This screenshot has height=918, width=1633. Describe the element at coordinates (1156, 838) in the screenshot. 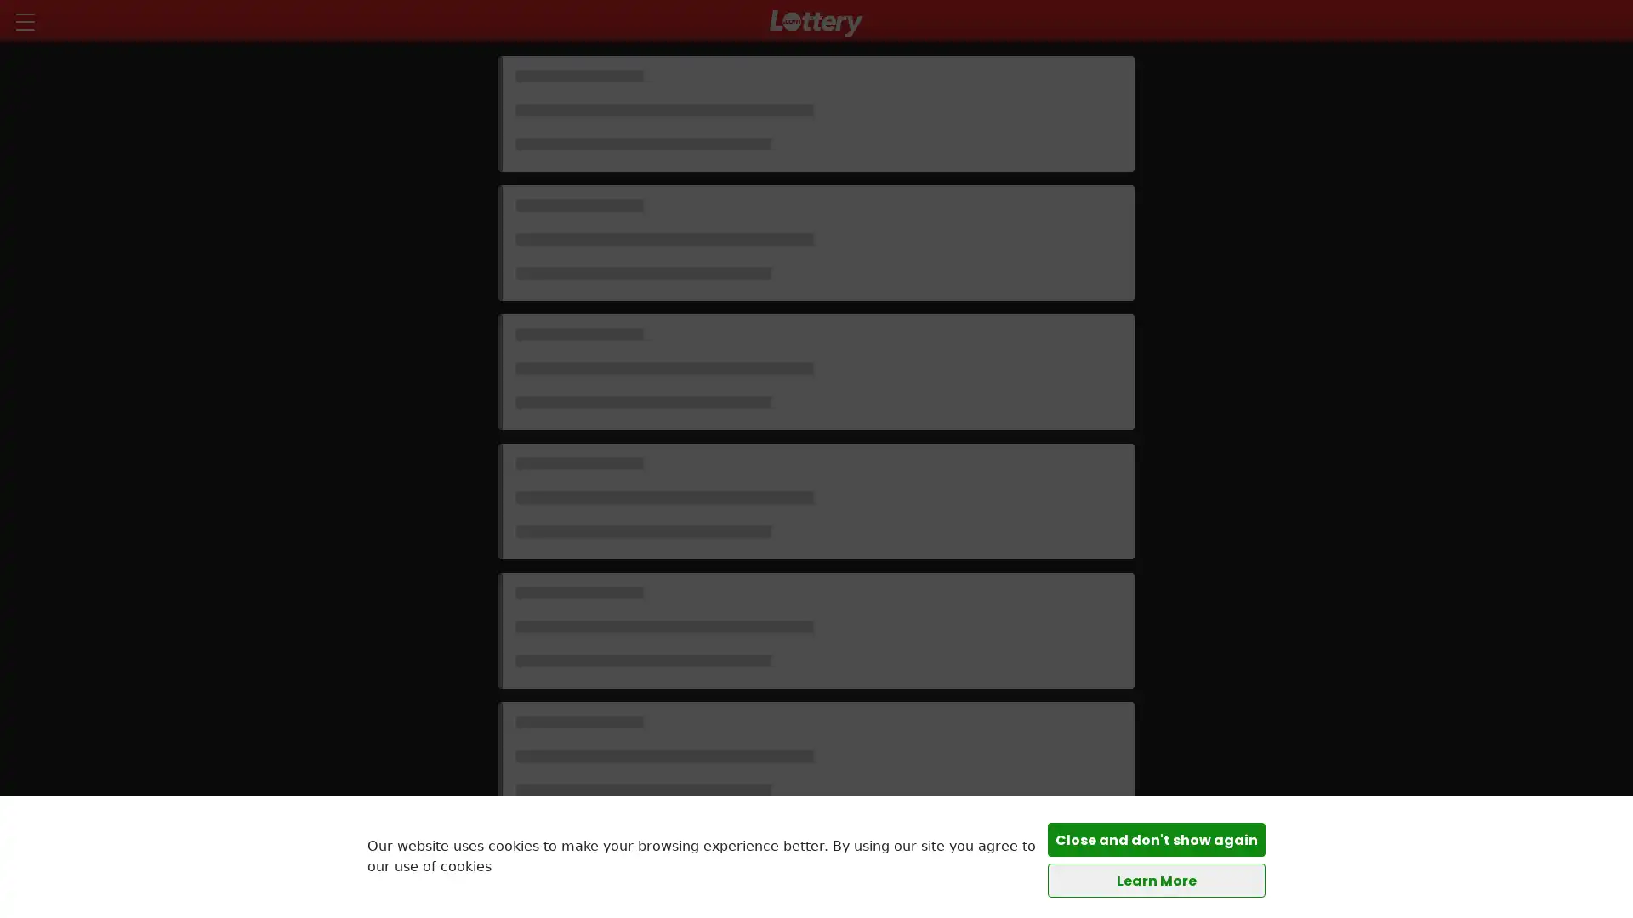

I see `Close and don't show again` at that location.